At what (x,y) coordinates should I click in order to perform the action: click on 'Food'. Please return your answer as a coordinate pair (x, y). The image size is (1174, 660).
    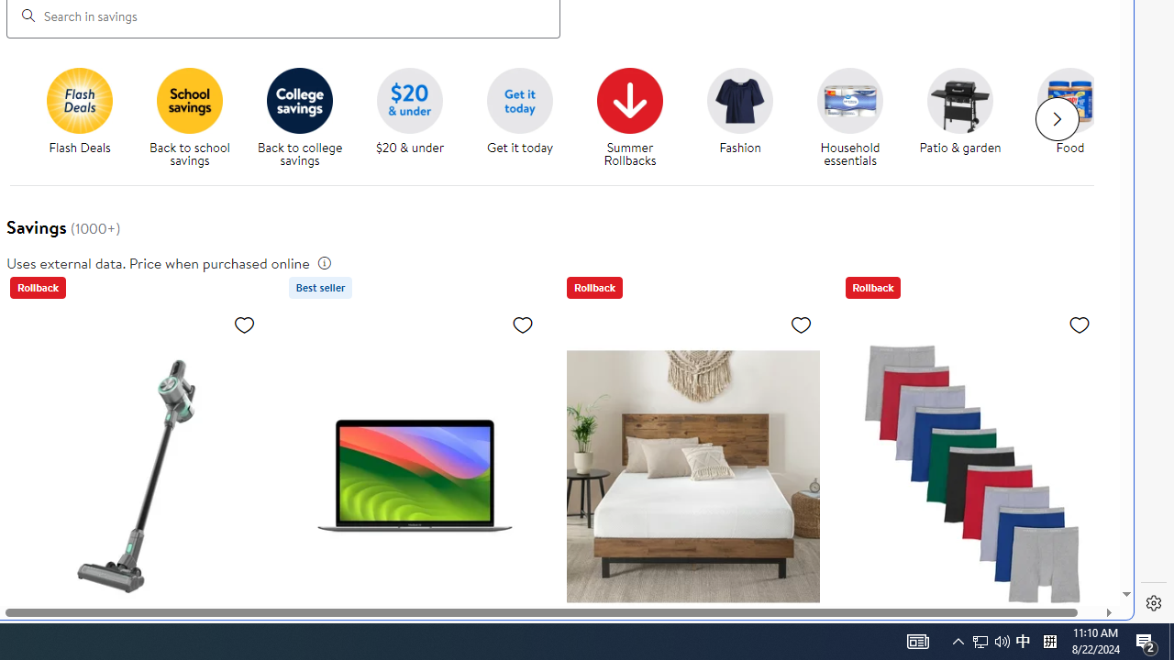
    Looking at the image, I should click on (1078, 118).